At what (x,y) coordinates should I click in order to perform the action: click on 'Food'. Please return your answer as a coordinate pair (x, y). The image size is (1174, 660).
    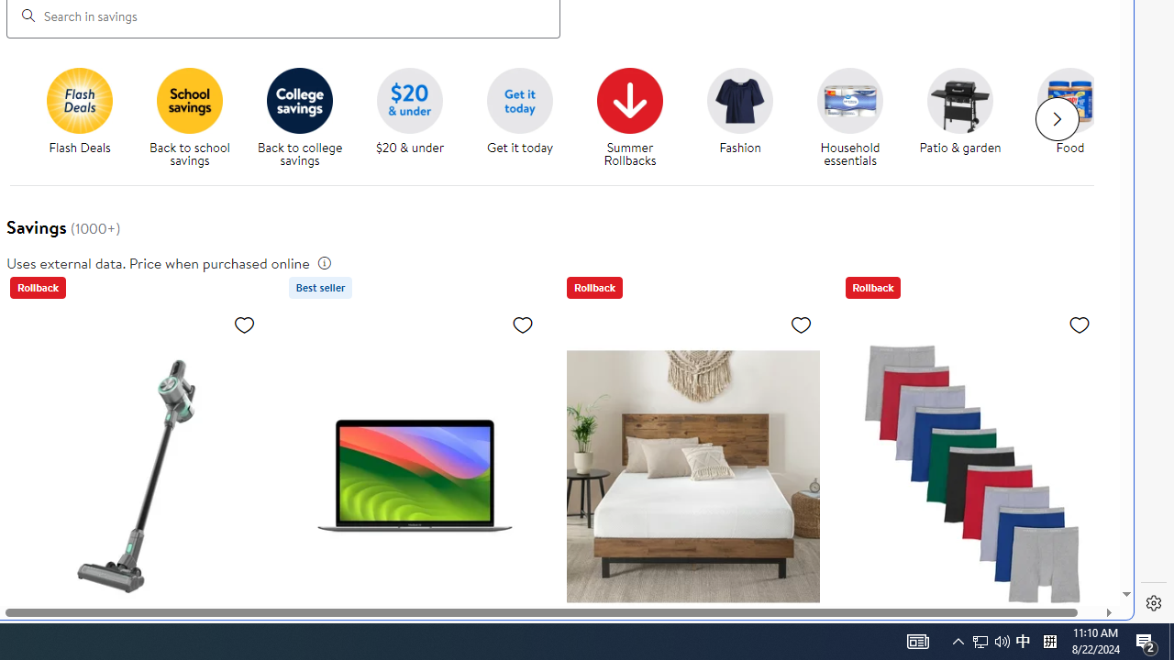
    Looking at the image, I should click on (1078, 118).